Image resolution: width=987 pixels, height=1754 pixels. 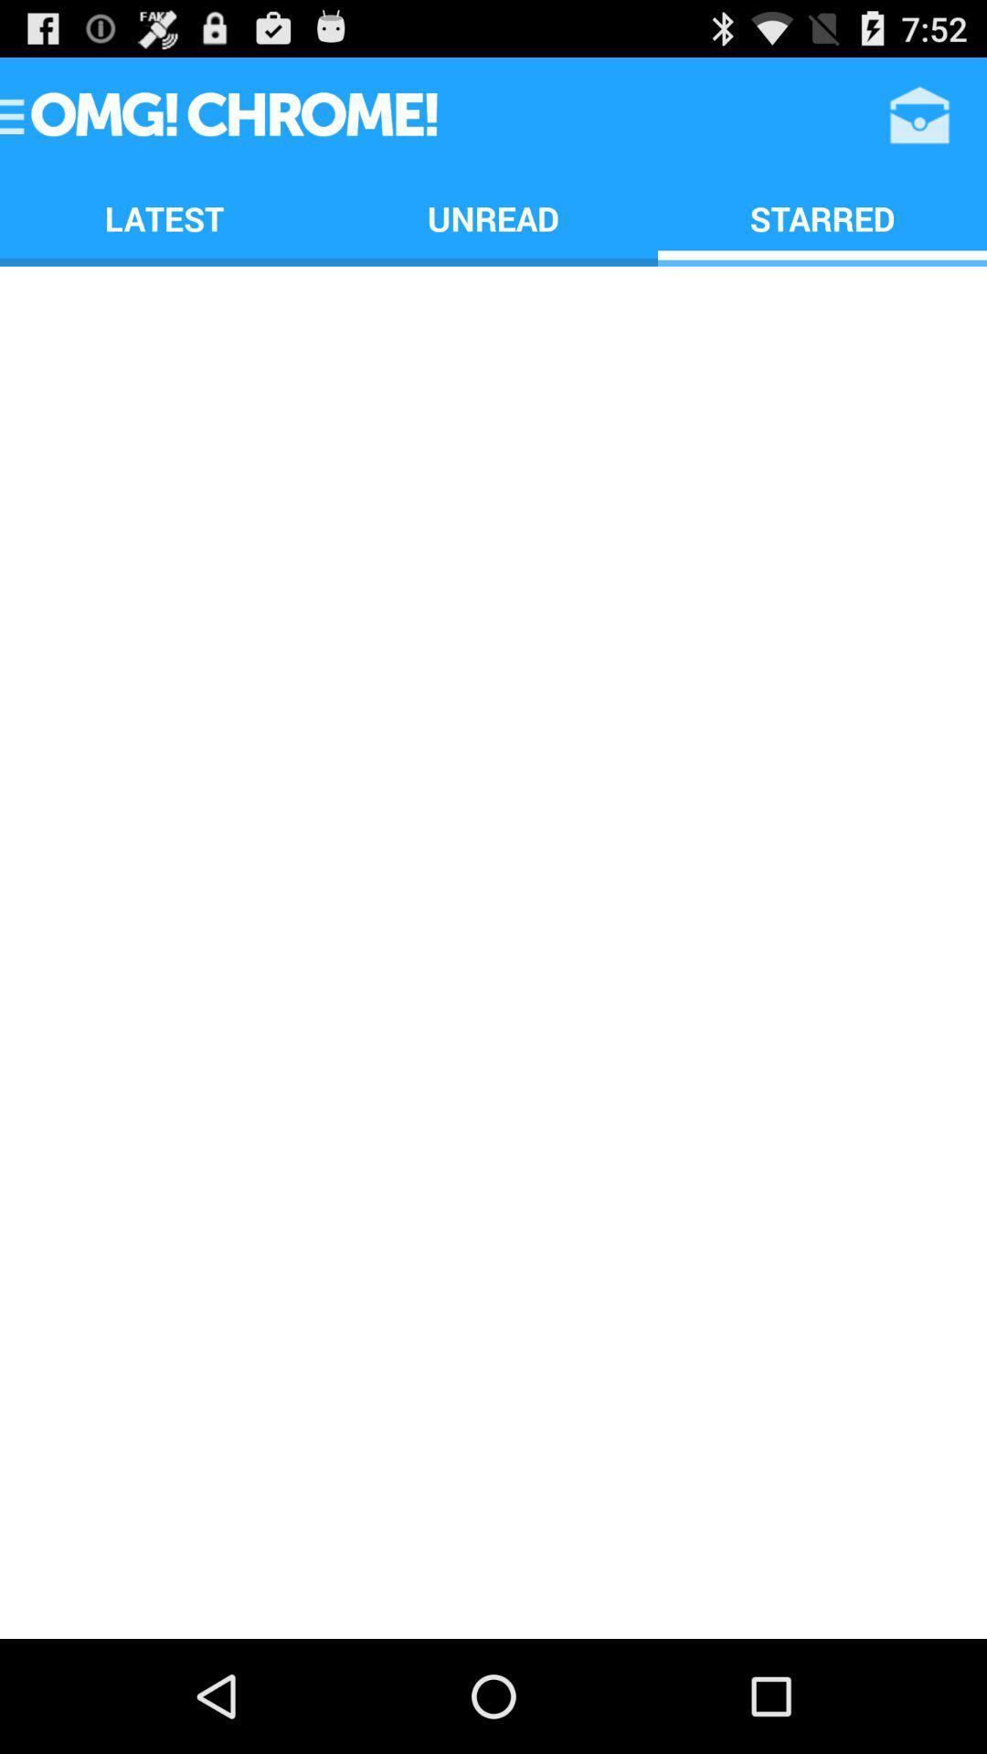 I want to click on the icon to the right of latest item, so click(x=493, y=218).